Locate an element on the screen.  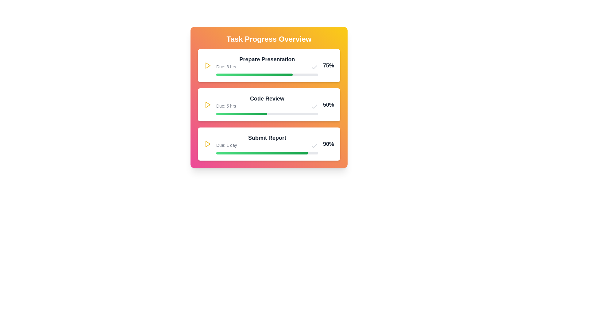
the text label displaying '50%' that indicates progress percentage, which is styled in dark gray and is located to the right of the 'Code Review' task card is located at coordinates (328, 105).